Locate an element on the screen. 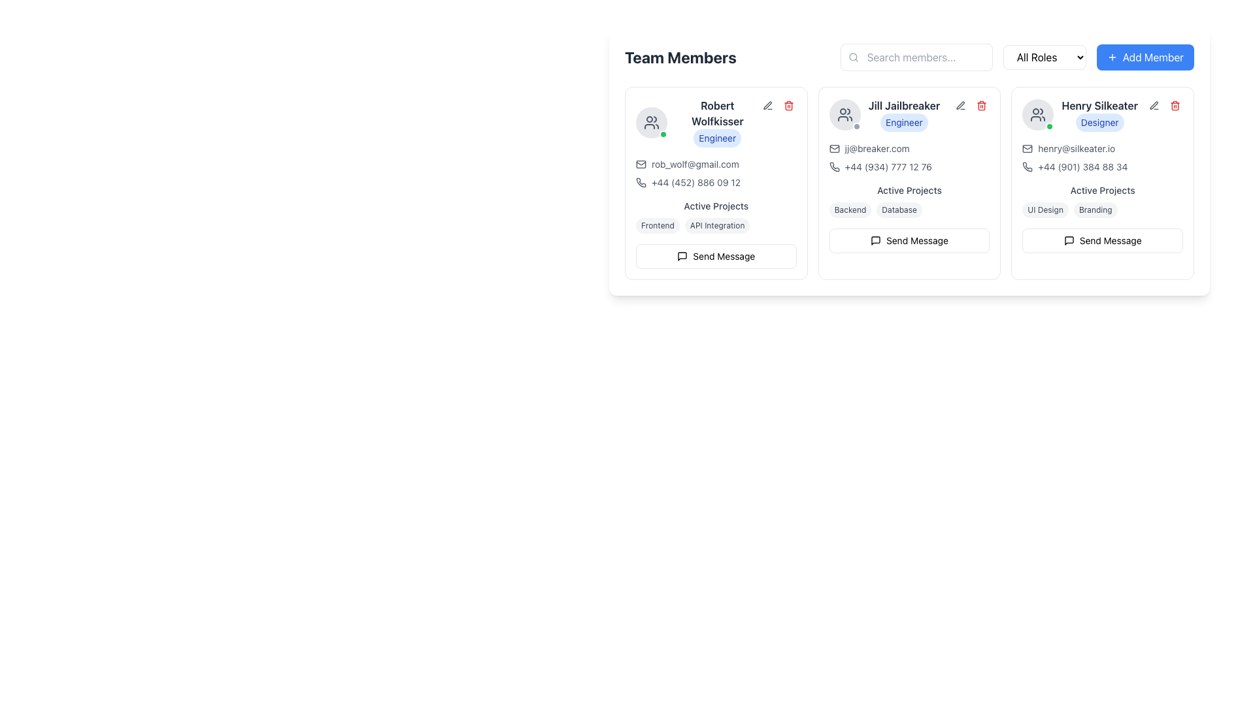 The height and width of the screenshot is (705, 1255). the phone icon that visually indicates the presented phone number '+44 (901) 384 88 34', located in the bottom detail section of the third user card is located at coordinates (1027, 166).